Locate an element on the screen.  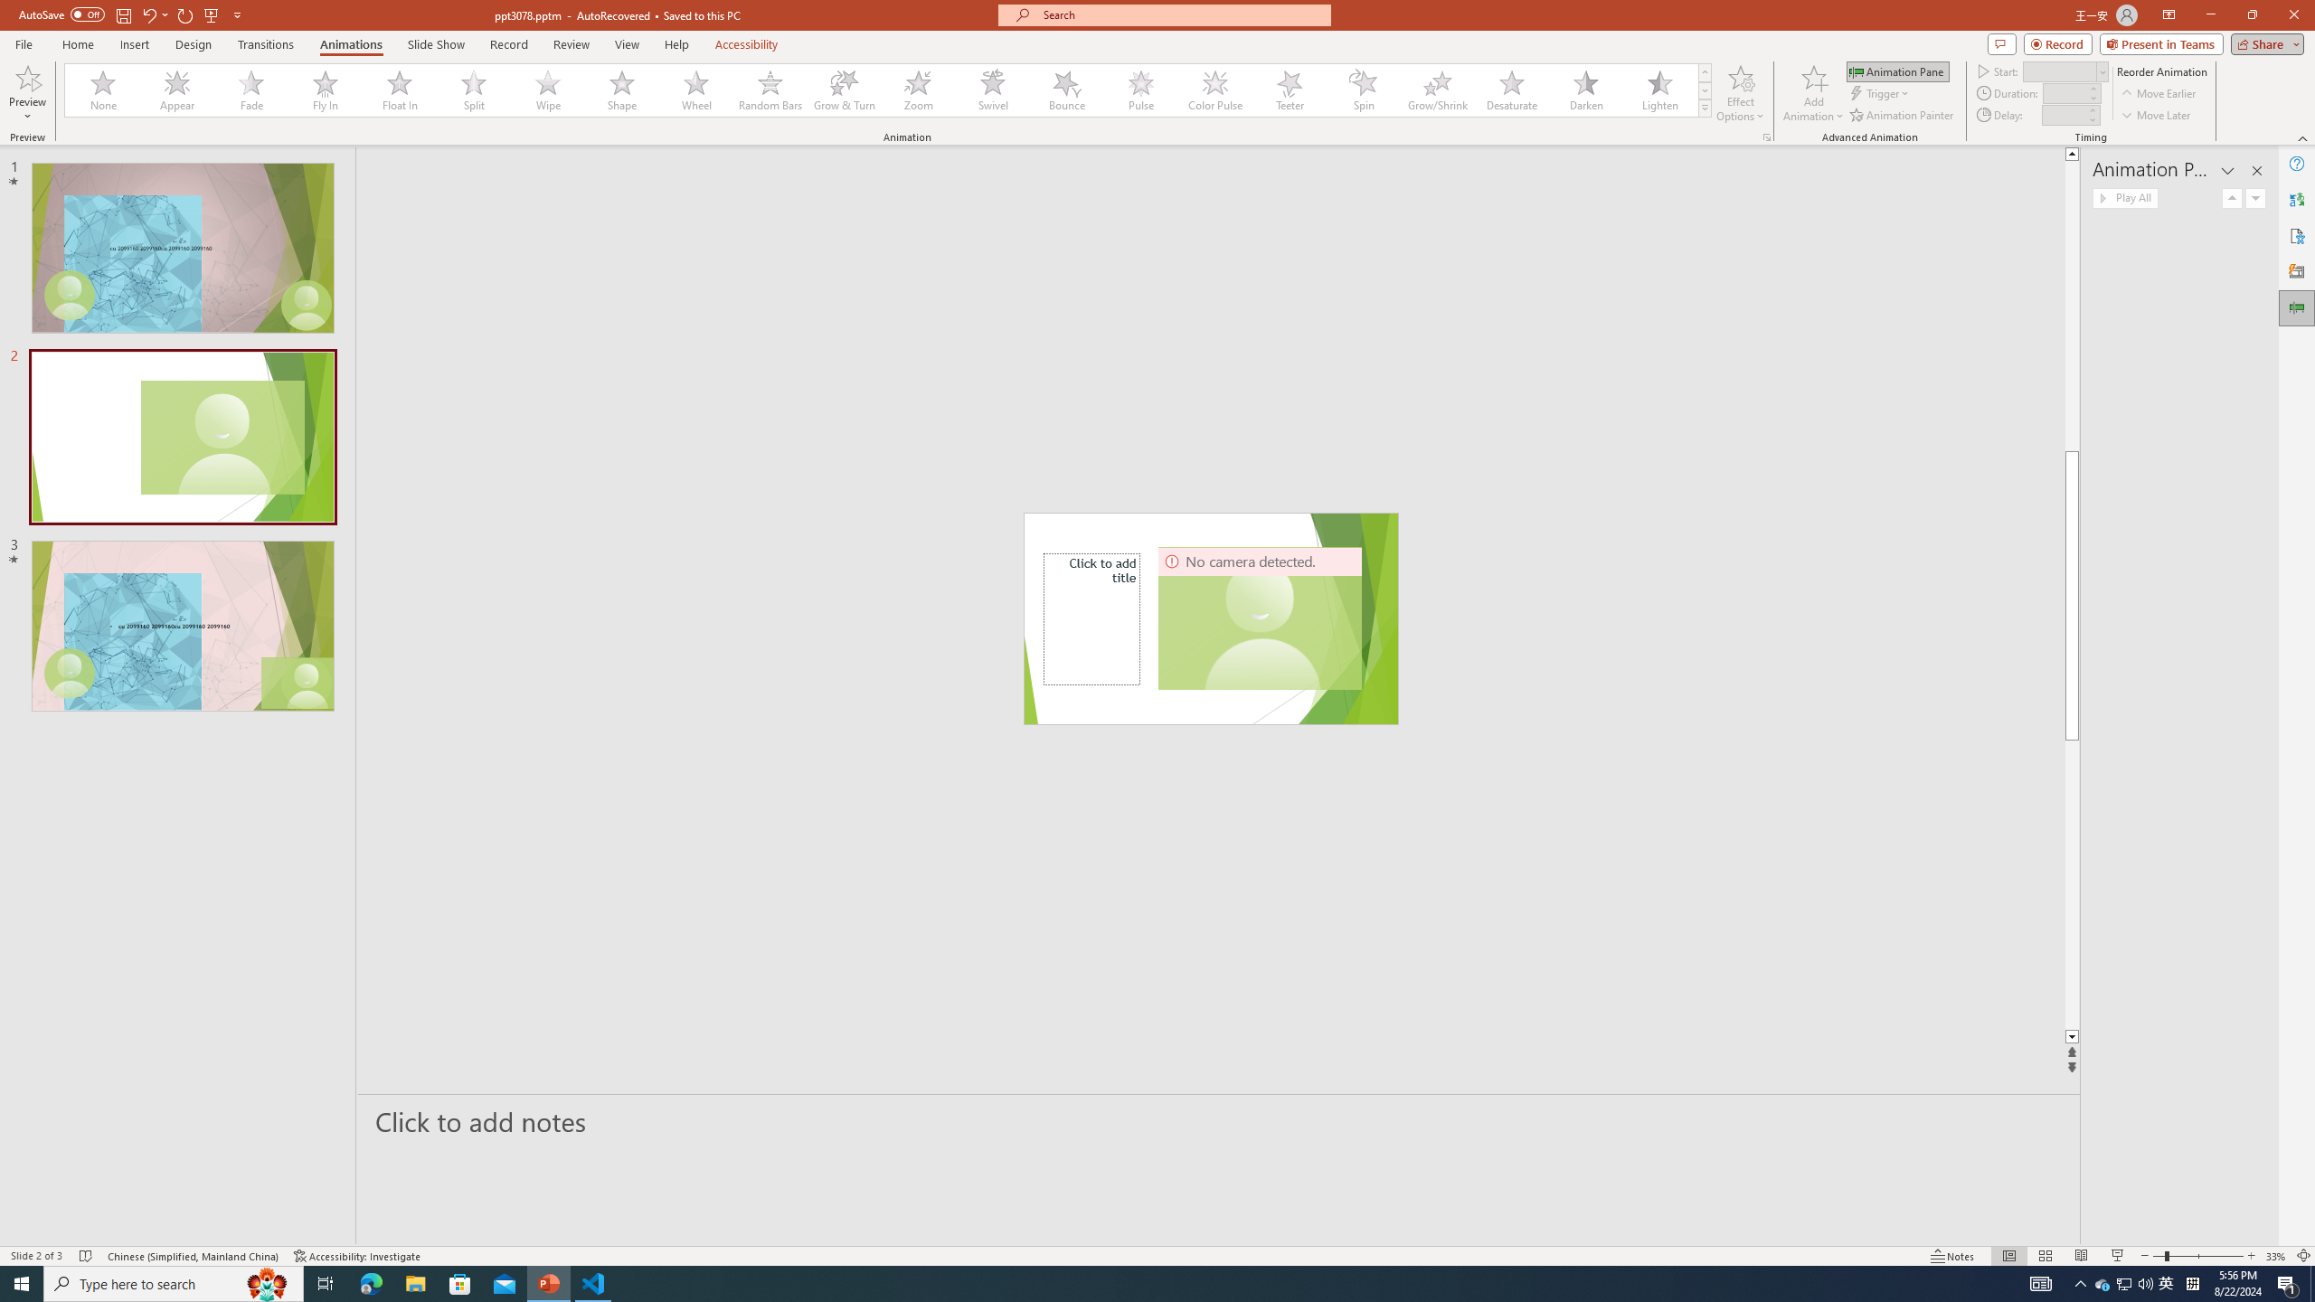
'Zoom 33%' is located at coordinates (2275, 1256).